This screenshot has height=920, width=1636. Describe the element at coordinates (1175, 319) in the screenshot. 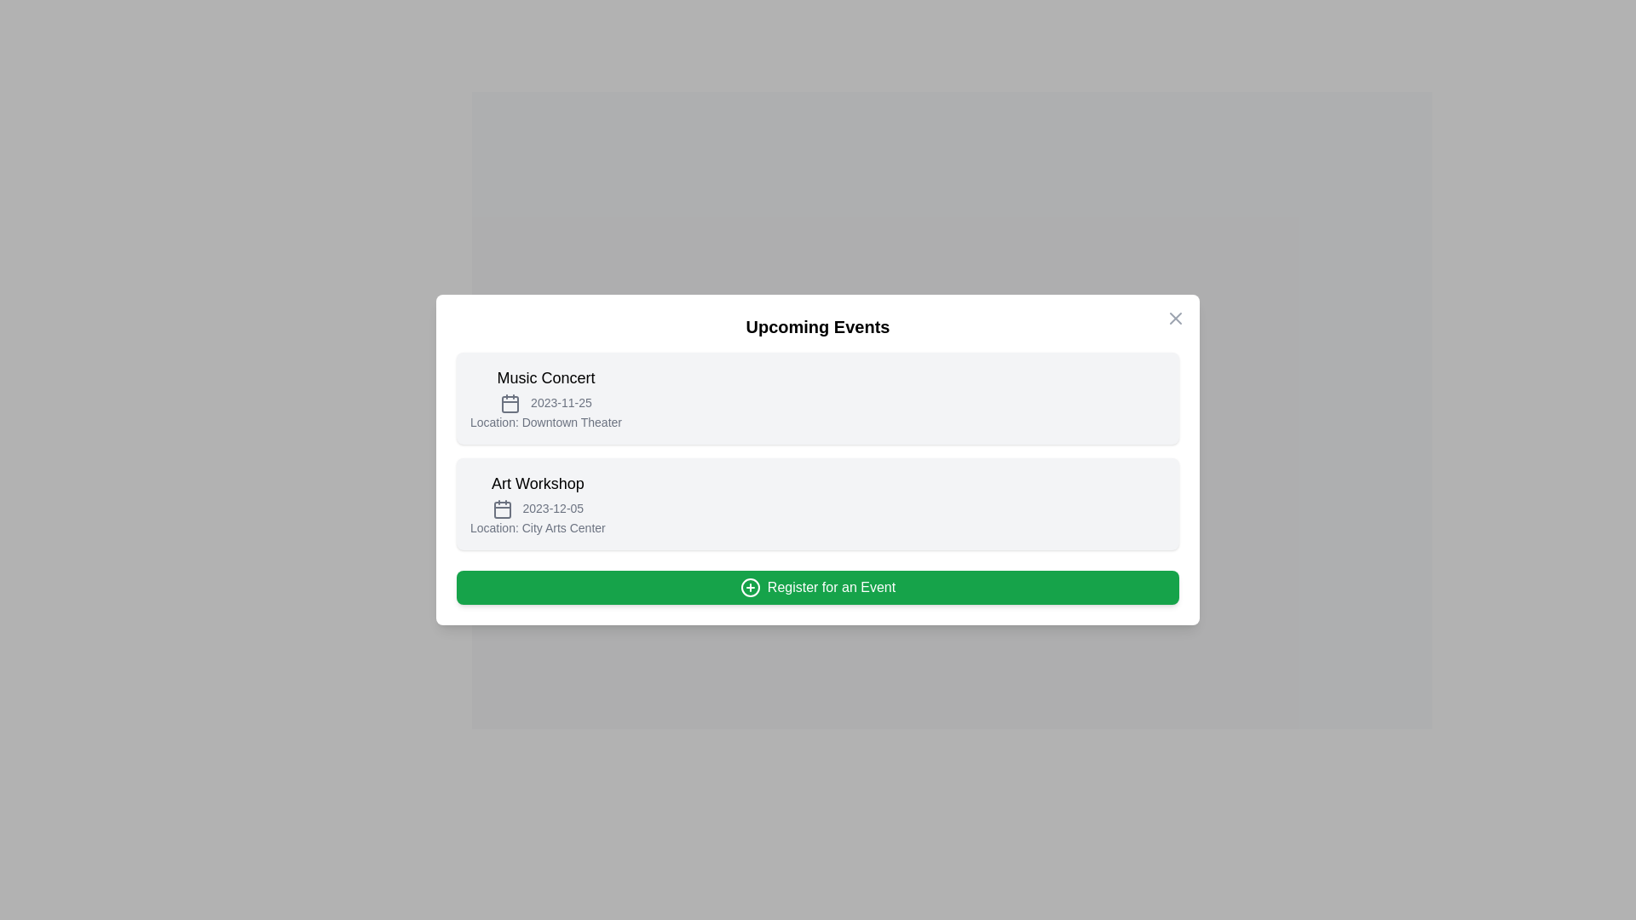

I see `the small gray 'x' icon in the top-right corner of the modal popup` at that location.